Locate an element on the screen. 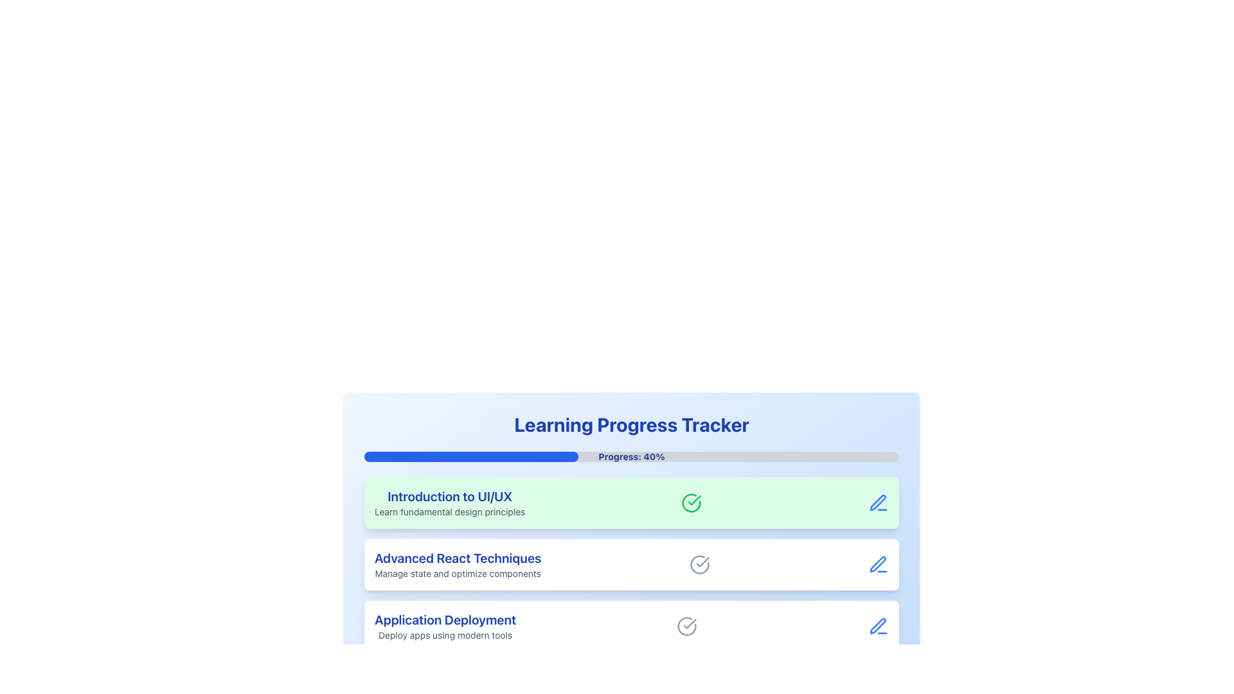 The height and width of the screenshot is (694, 1234). the pen icon located at the bottom-right corner of the 'Application Deployment' section in the Learning Progress Tracker interface to change its color for visual feedback is located at coordinates (878, 626).